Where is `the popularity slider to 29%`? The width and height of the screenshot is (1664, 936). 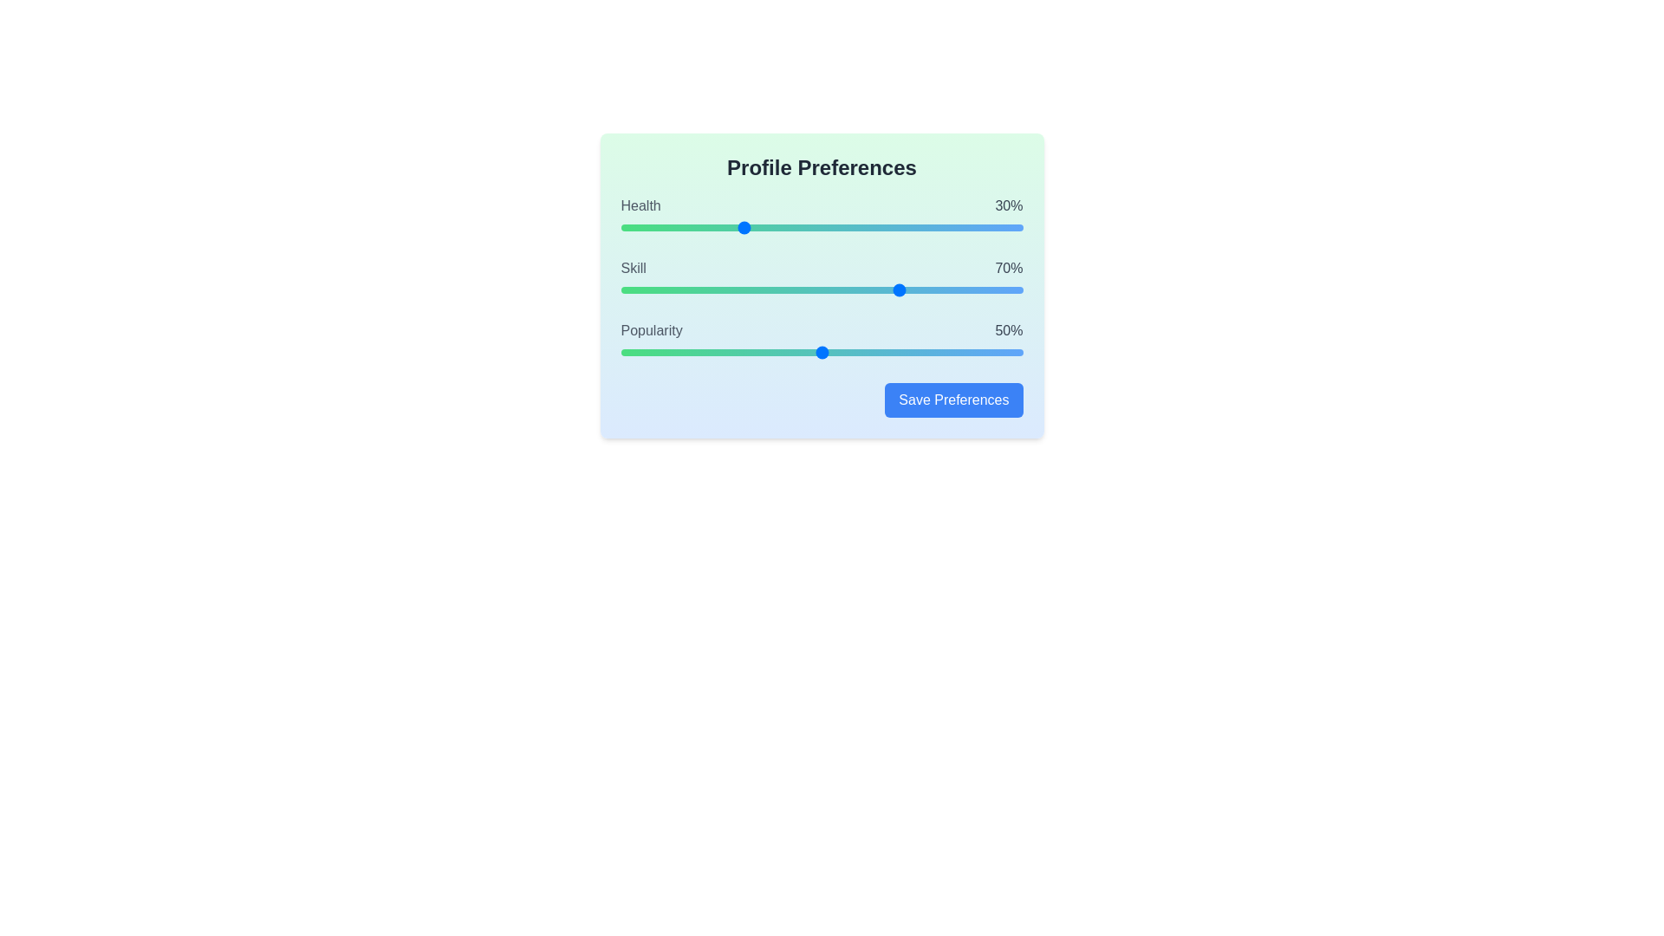
the popularity slider to 29% is located at coordinates (738, 352).